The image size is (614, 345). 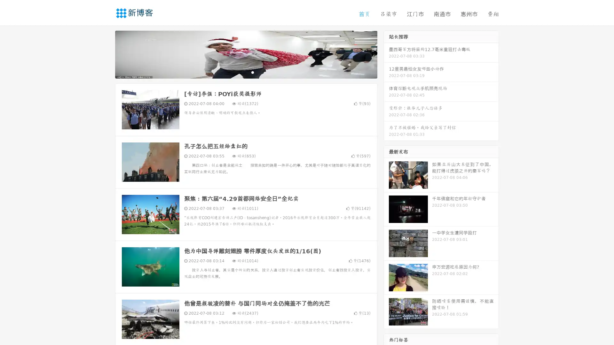 What do you see at coordinates (239, 72) in the screenshot?
I see `Go to slide 1` at bounding box center [239, 72].